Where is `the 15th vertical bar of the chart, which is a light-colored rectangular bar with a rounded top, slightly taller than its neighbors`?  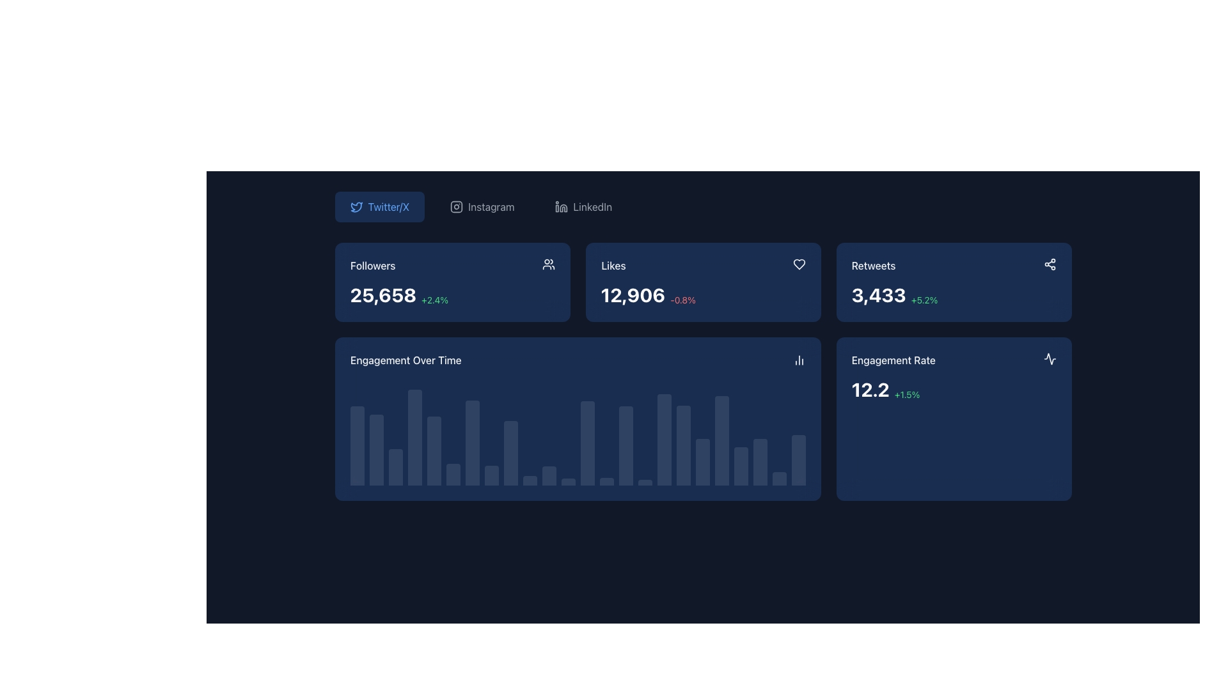
the 15th vertical bar of the chart, which is a light-colored rectangular bar with a rounded top, slightly taller than its neighbors is located at coordinates (626, 445).